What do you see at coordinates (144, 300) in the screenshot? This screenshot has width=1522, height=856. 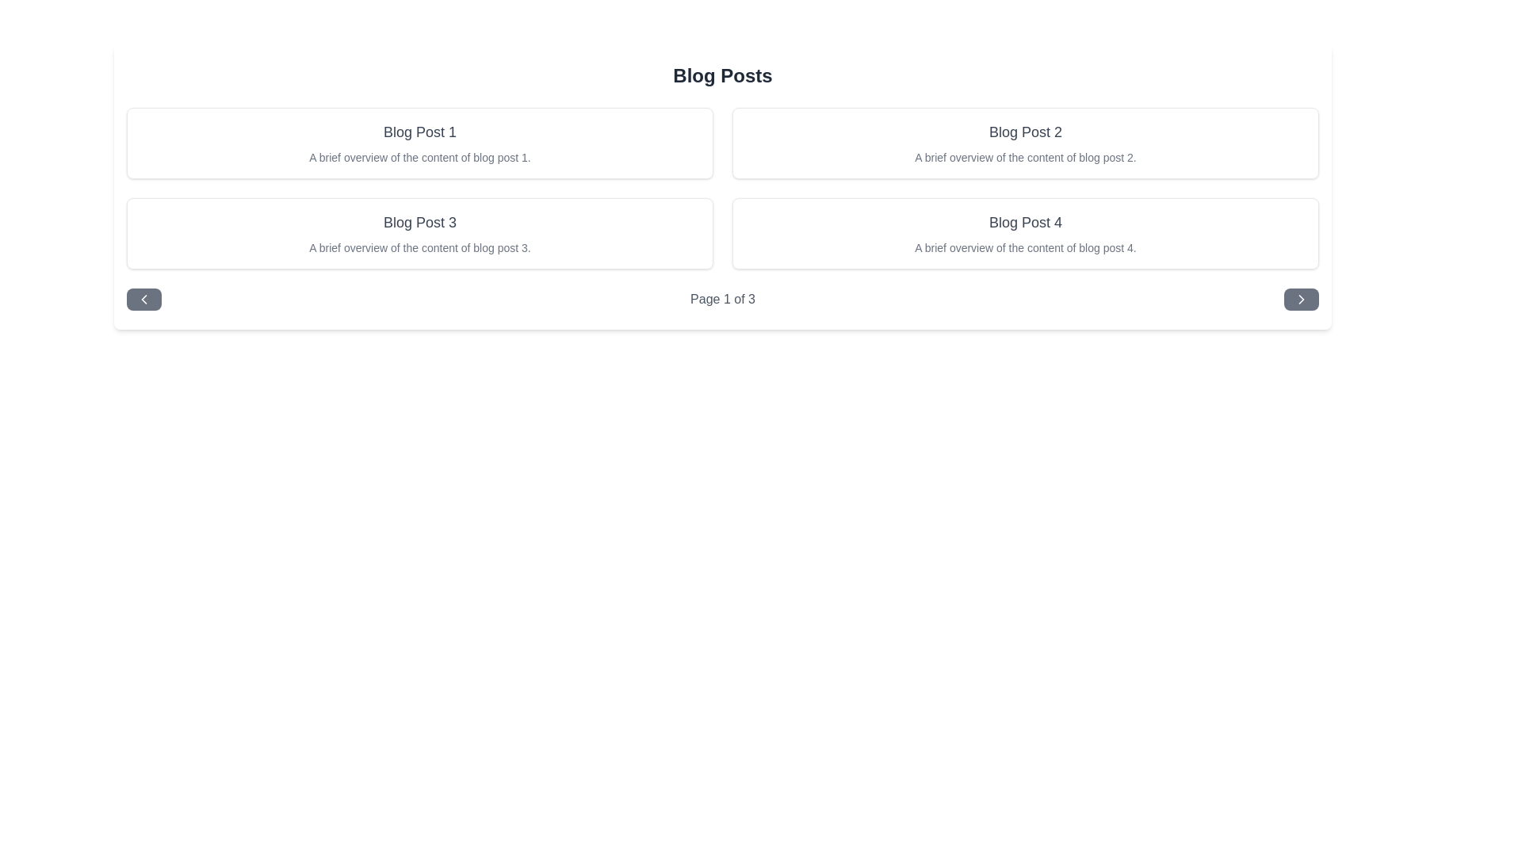 I see `the leftward-pointing chevron icon button located at the far left side of the navigation footer bar` at bounding box center [144, 300].